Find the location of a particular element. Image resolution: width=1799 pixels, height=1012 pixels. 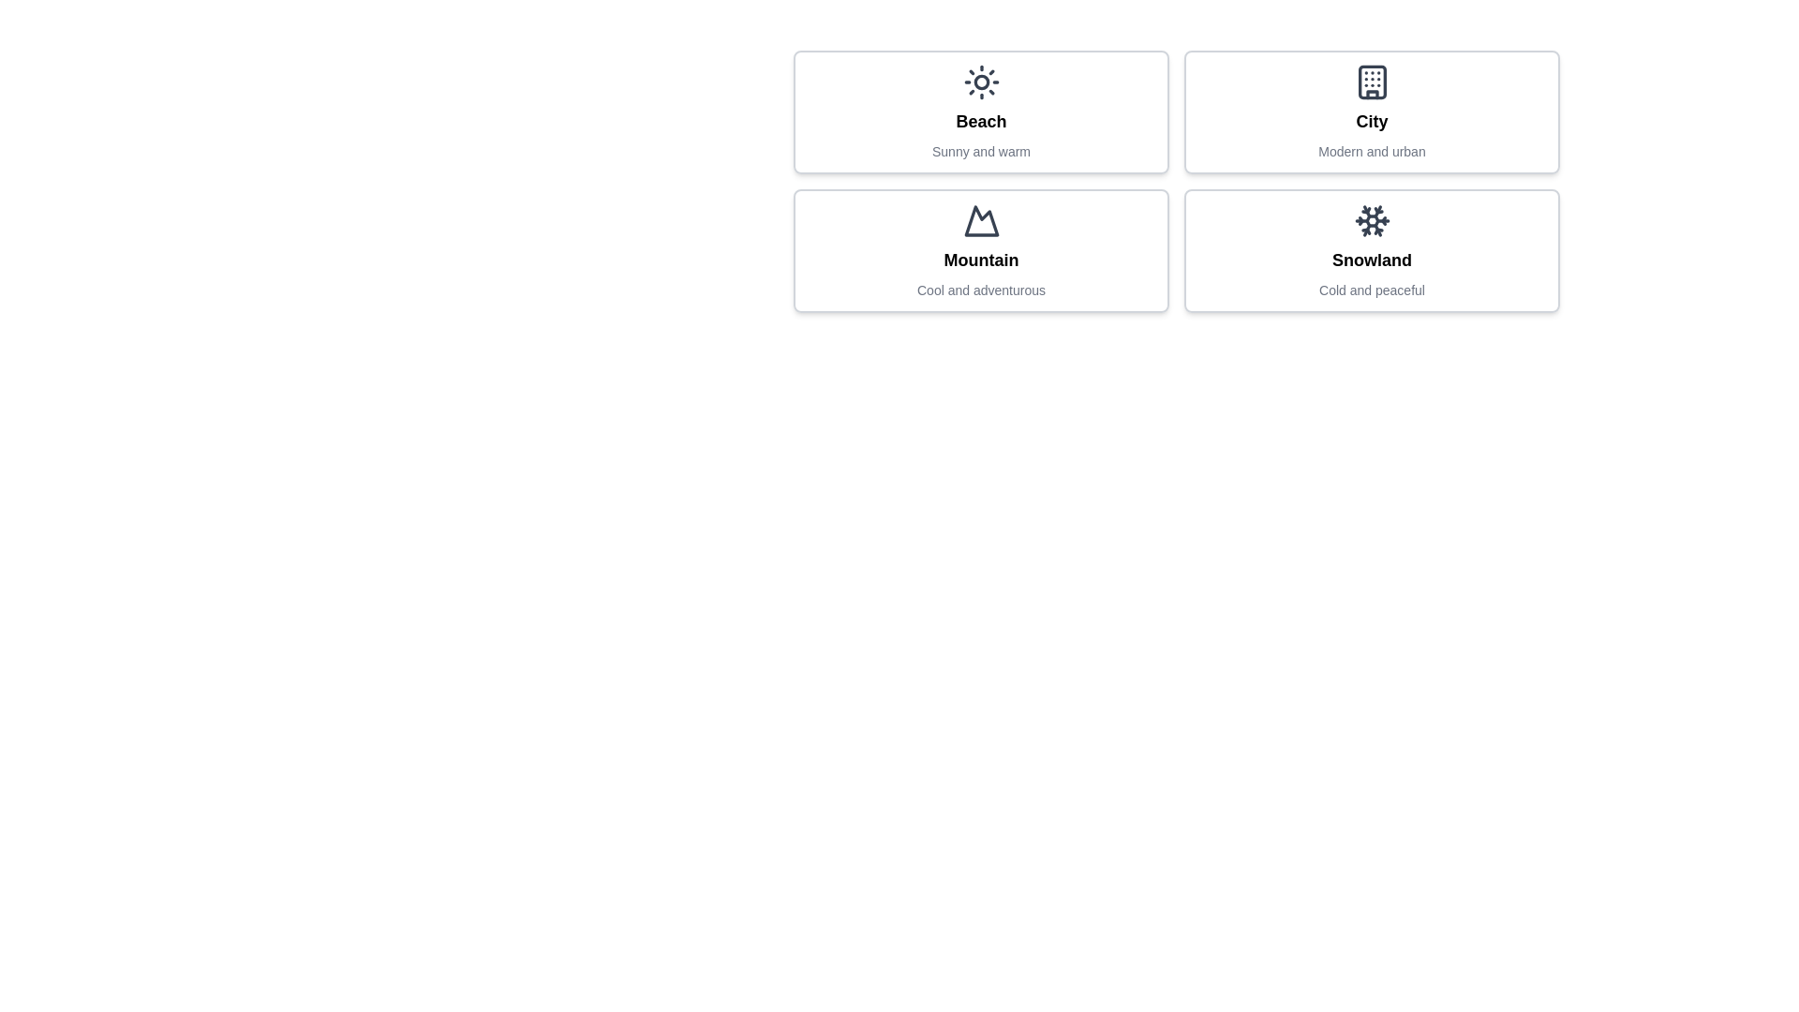

text label that serves as the title indicating the category 'City' in the card located in the second column of the top row, positioned below the building icon is located at coordinates (1372, 122).